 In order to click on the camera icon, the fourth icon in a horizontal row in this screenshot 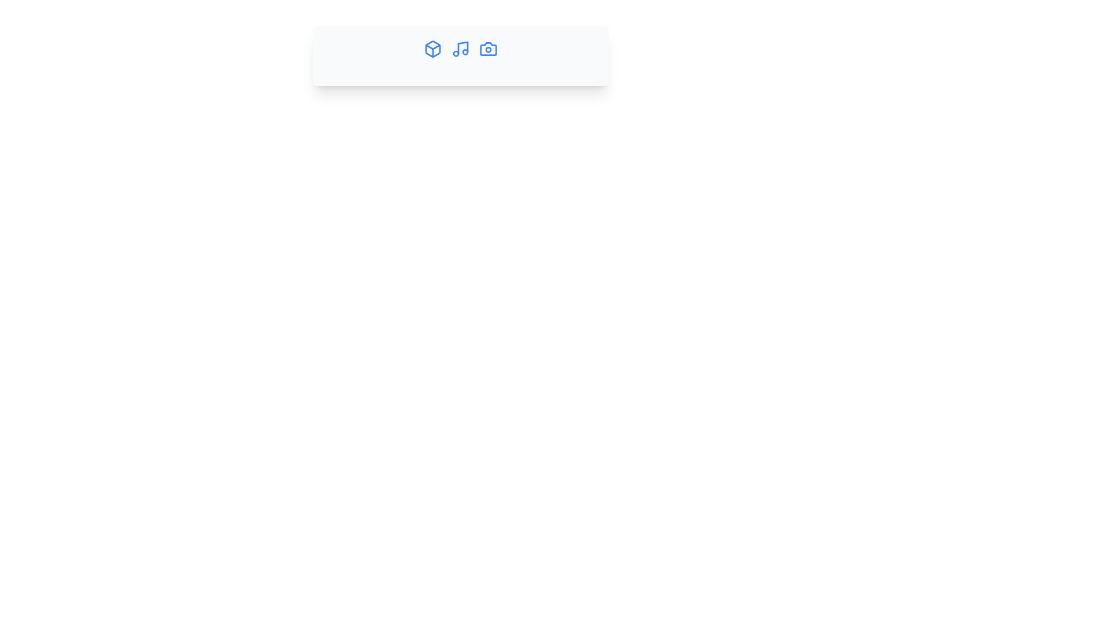, I will do `click(488, 48)`.